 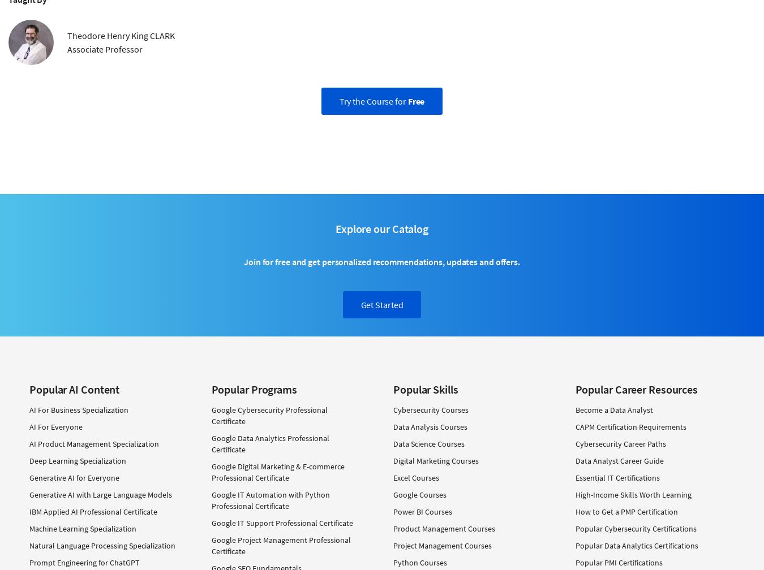 I want to click on 'Product Management Courses', so click(x=444, y=528).